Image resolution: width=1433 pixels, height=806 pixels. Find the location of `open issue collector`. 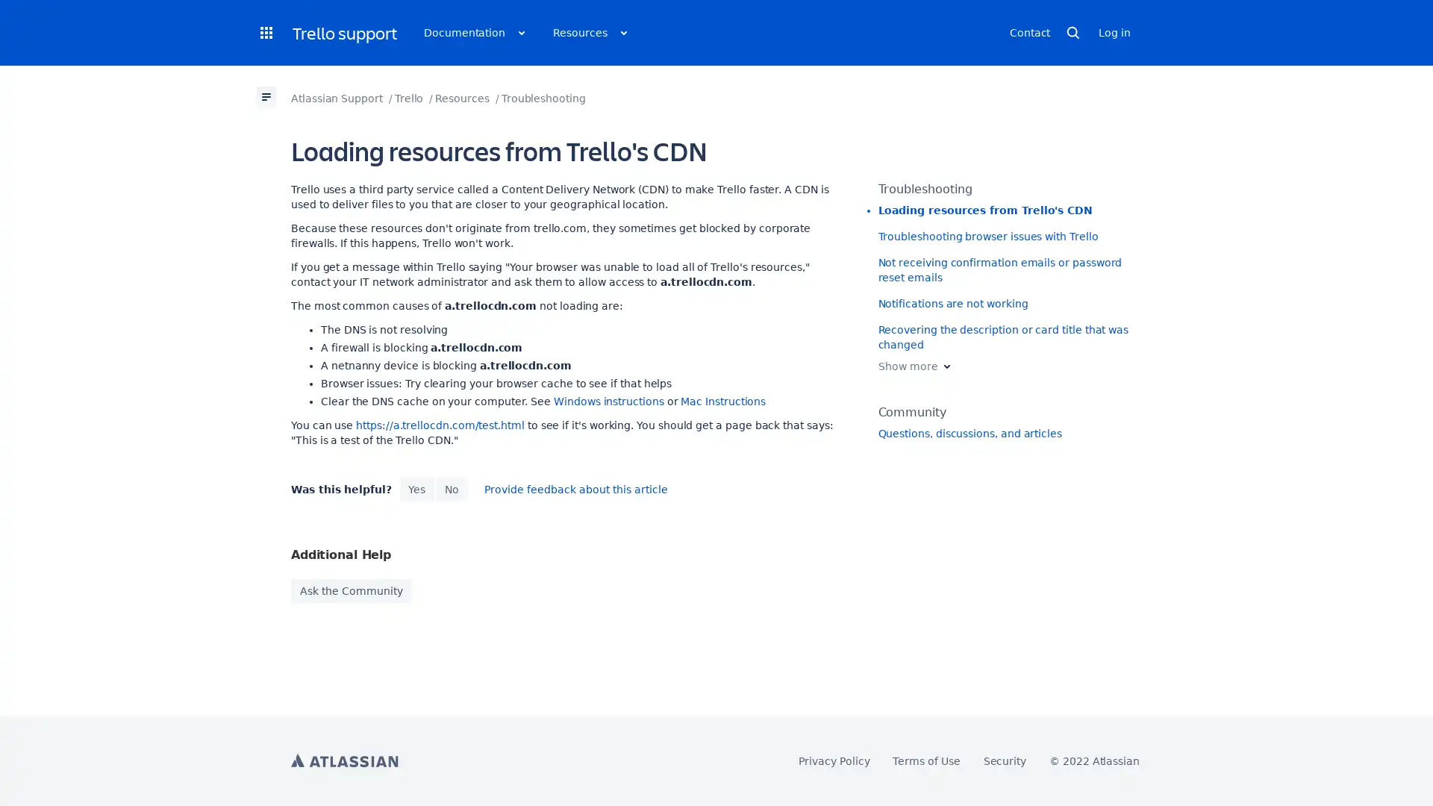

open issue collector is located at coordinates (575, 489).